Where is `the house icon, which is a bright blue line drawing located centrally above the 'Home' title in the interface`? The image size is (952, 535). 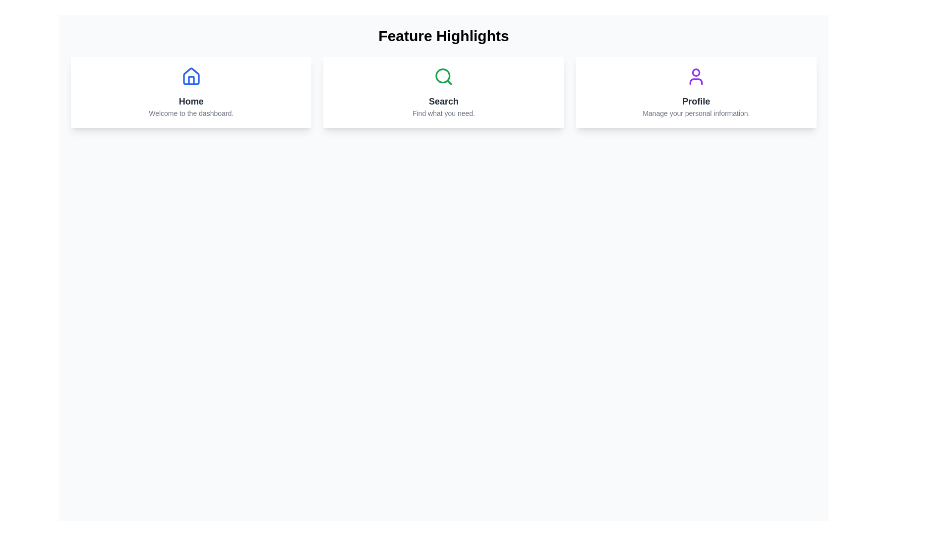
the house icon, which is a bright blue line drawing located centrally above the 'Home' title in the interface is located at coordinates (191, 76).